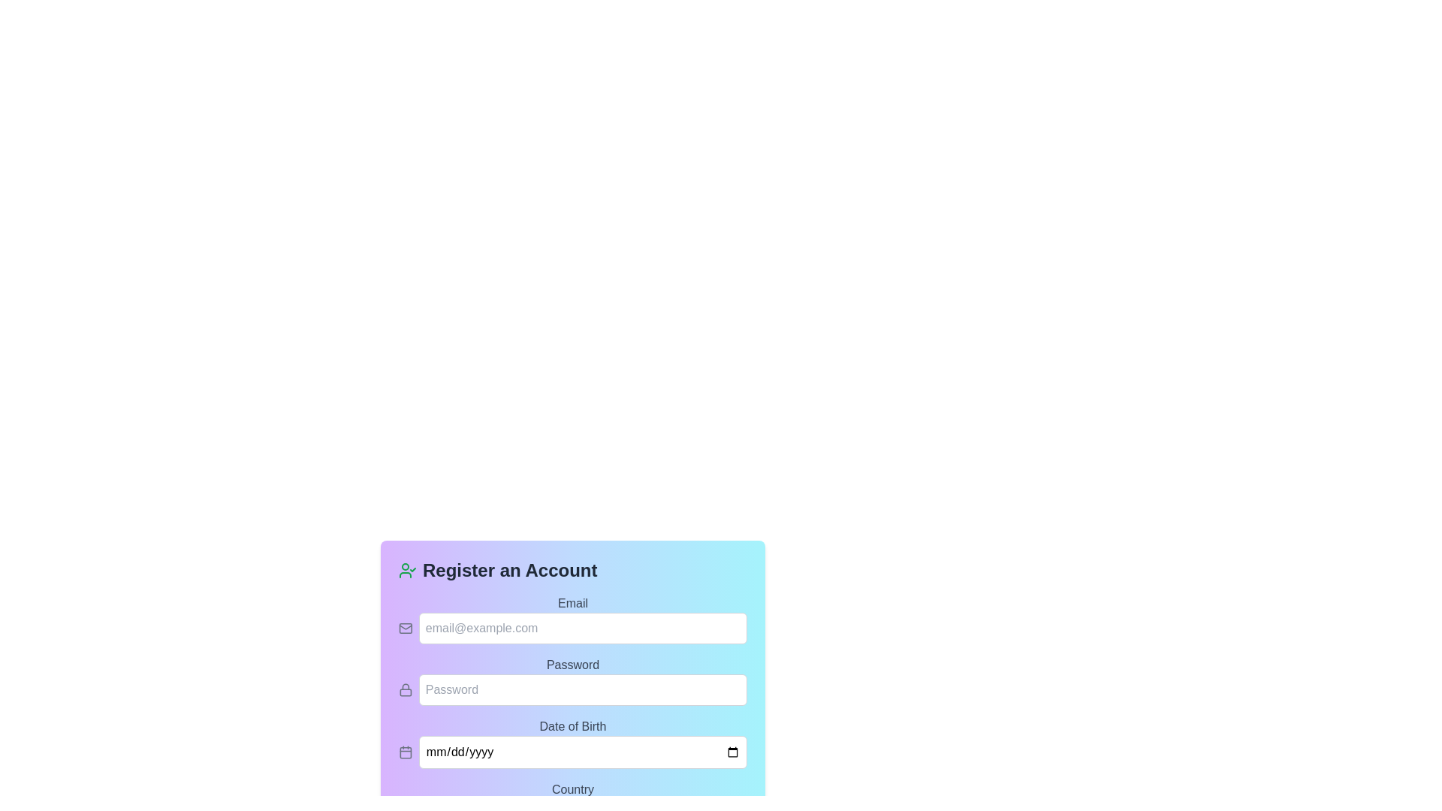 Image resolution: width=1442 pixels, height=811 pixels. What do you see at coordinates (406, 629) in the screenshot?
I see `the email envelope icon located in the top-left corner of the email input field by clicking on it` at bounding box center [406, 629].